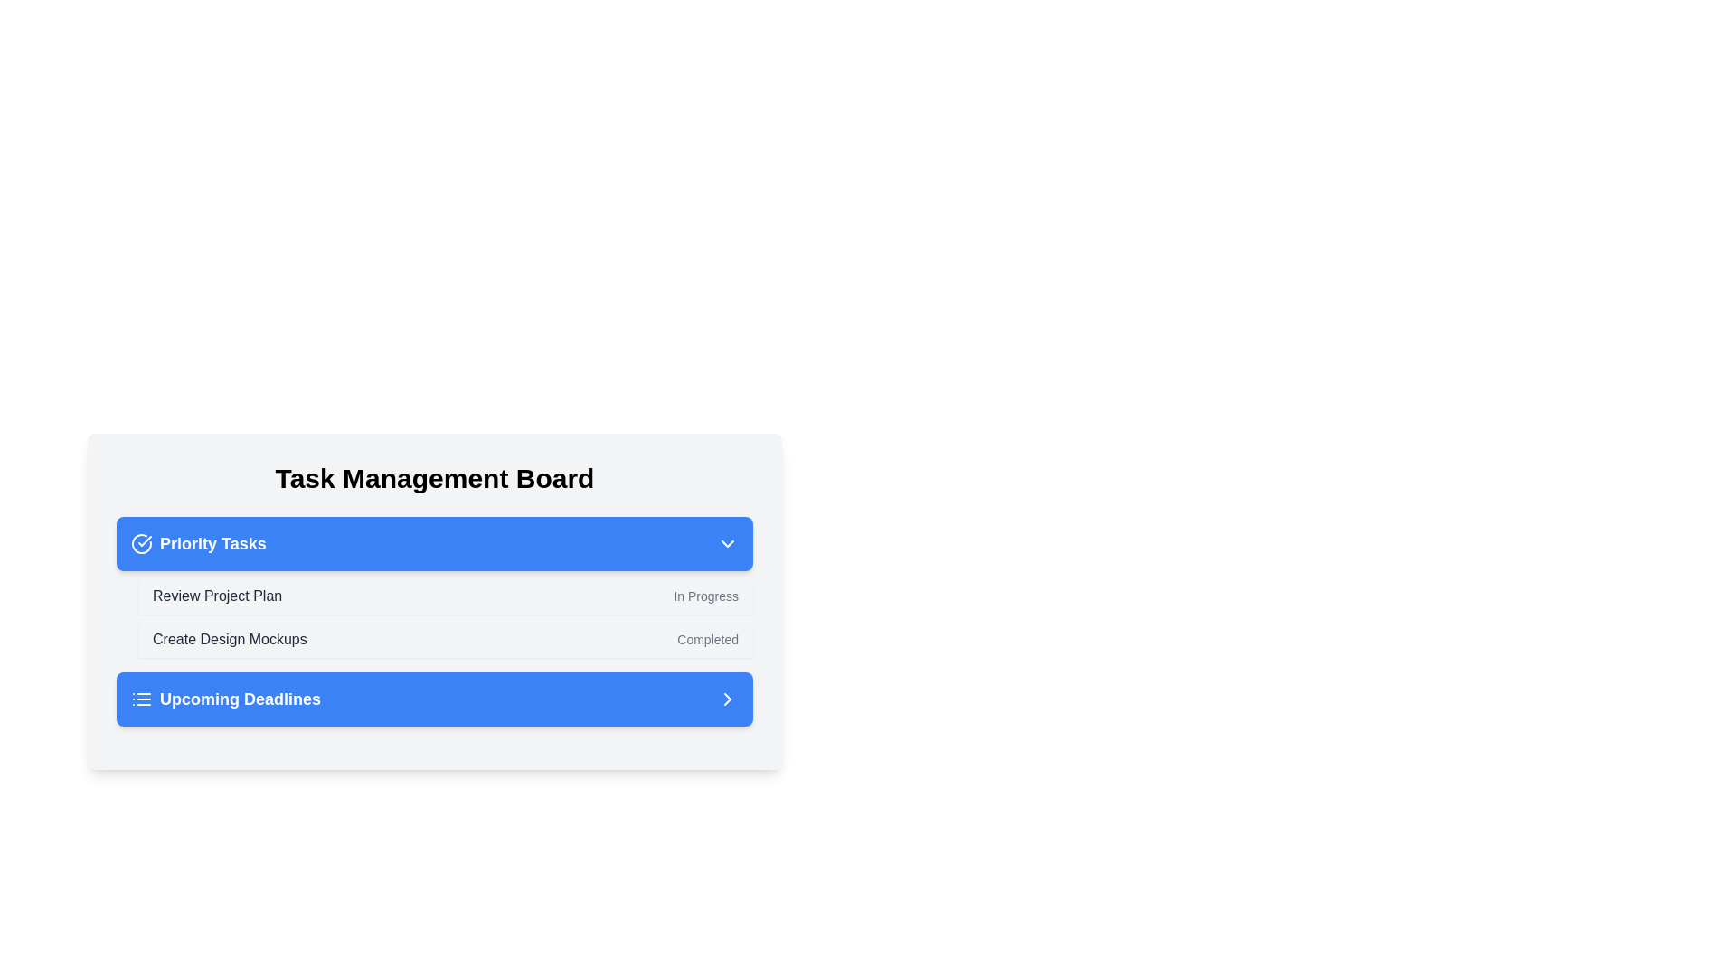  I want to click on the 'Priority Tasks' text label located in the 'Task Management Board' section, which is part of a blue background header and has a checkmark icon to its left, so click(212, 542).